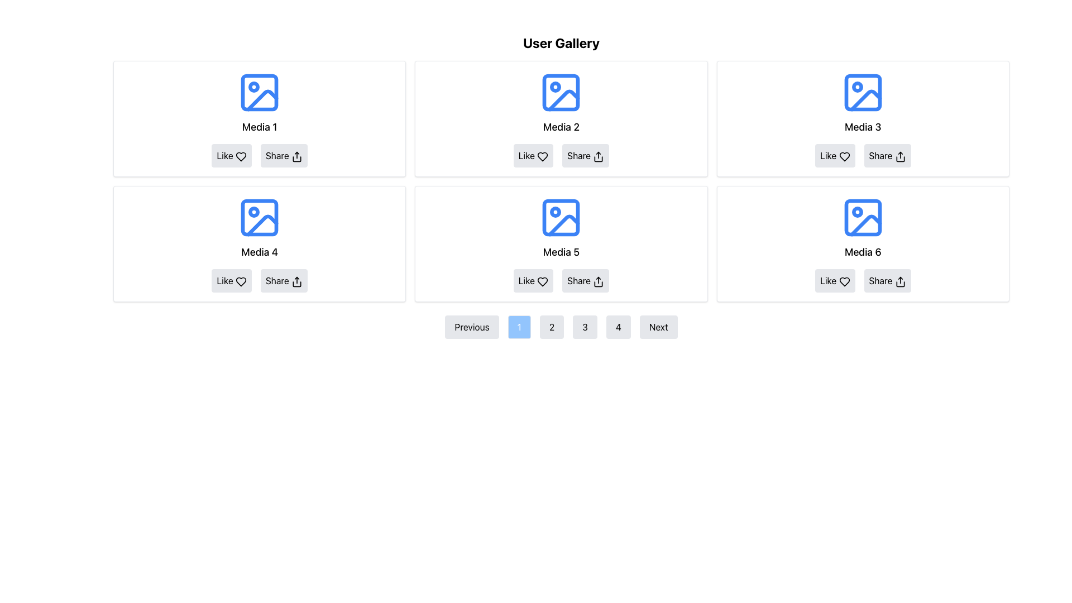 This screenshot has width=1072, height=603. Describe the element at coordinates (253, 212) in the screenshot. I see `the small circular decoration in the SVG graphic located in the fourth content block labeled 'Media 4'` at that location.